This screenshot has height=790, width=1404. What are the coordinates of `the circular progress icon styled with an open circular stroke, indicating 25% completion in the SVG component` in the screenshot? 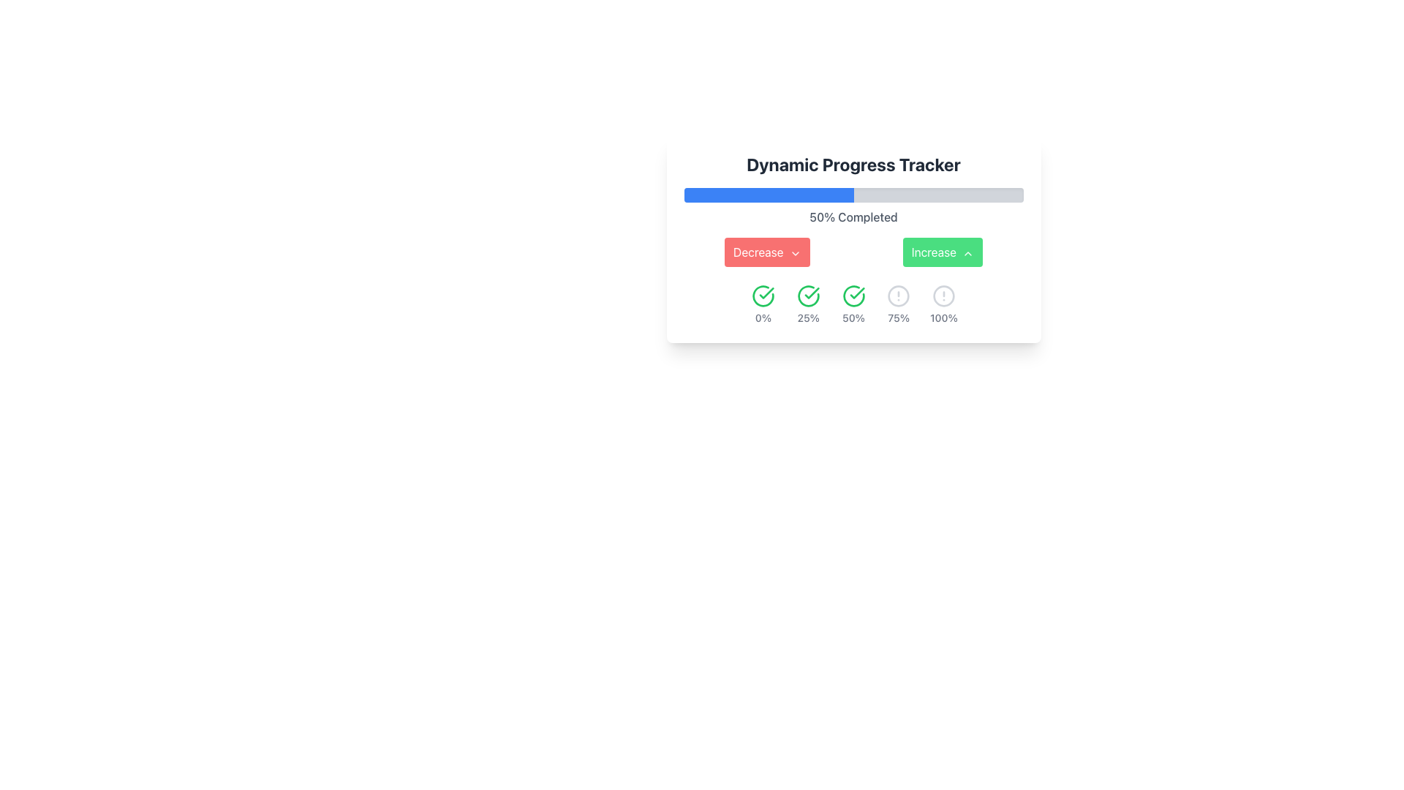 It's located at (762, 296).